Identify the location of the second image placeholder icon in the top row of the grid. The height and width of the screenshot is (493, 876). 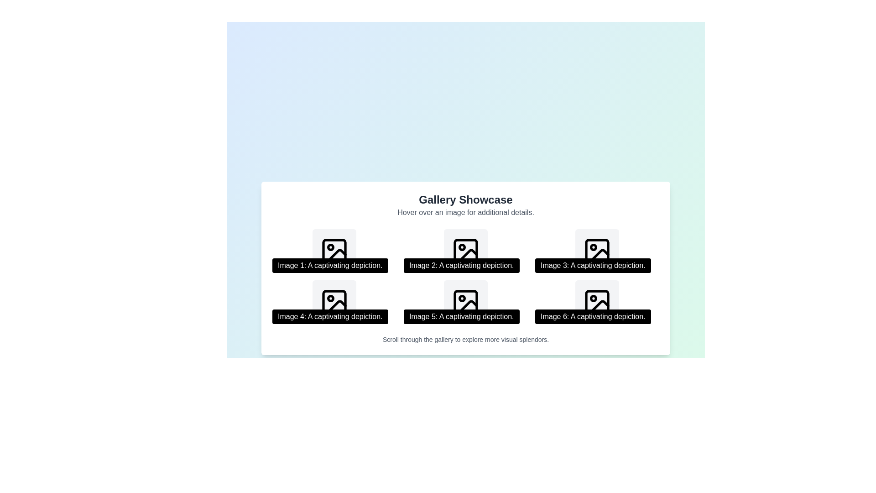
(466, 251).